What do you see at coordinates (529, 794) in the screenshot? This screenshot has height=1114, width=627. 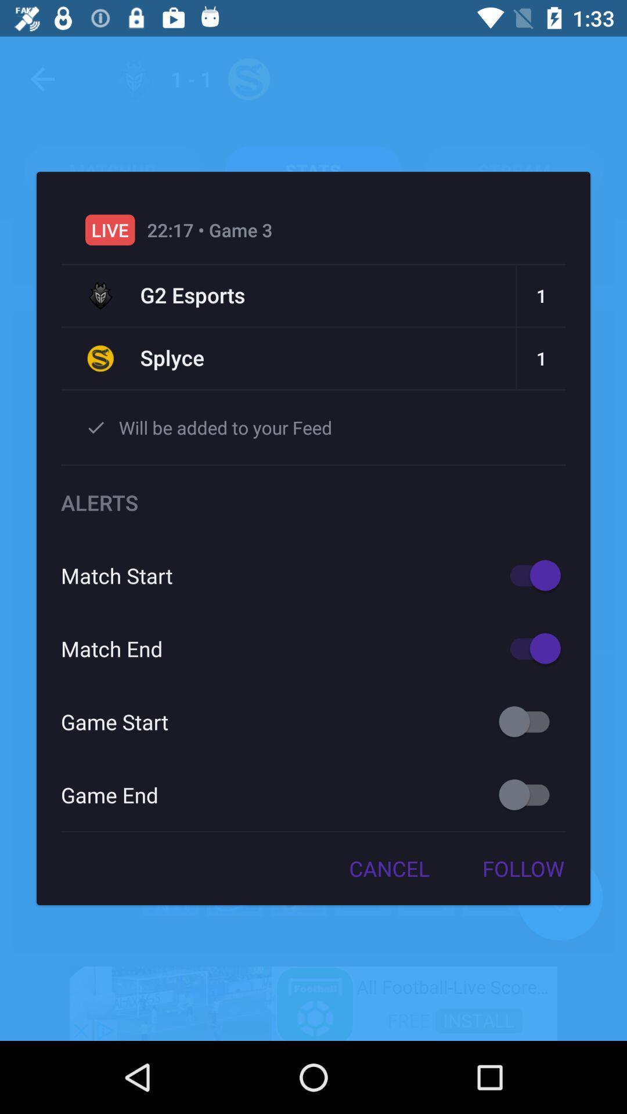 I see `game end open option` at bounding box center [529, 794].